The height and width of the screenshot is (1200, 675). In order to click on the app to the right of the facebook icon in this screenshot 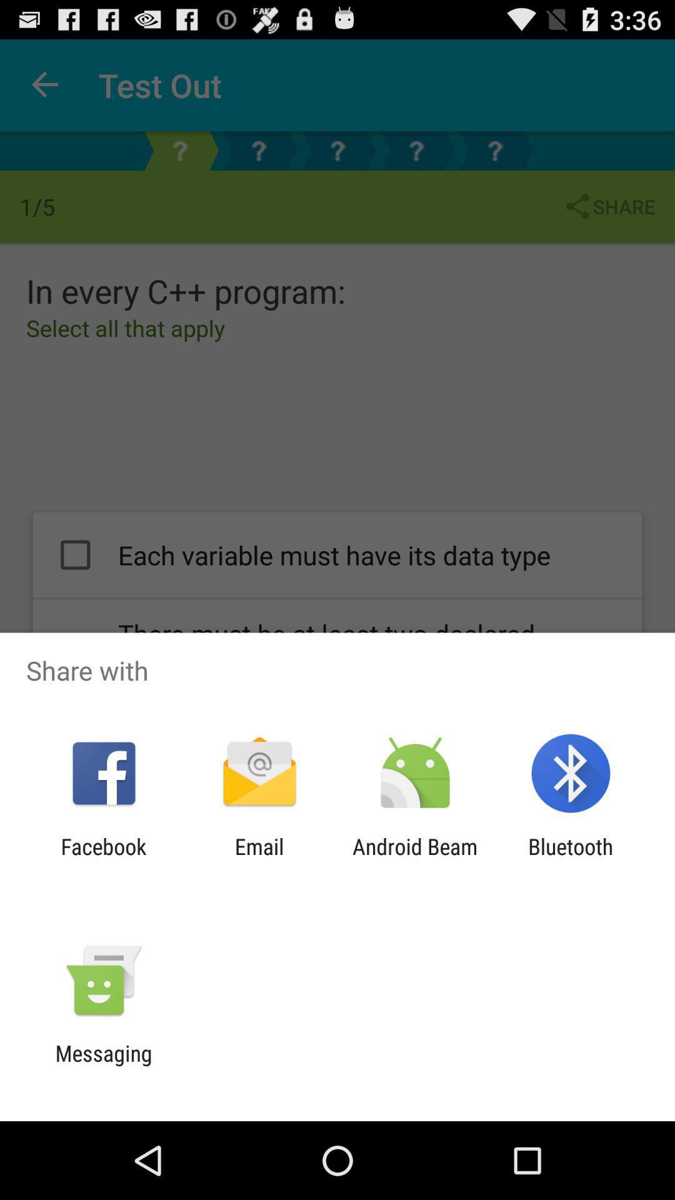, I will do `click(259, 859)`.